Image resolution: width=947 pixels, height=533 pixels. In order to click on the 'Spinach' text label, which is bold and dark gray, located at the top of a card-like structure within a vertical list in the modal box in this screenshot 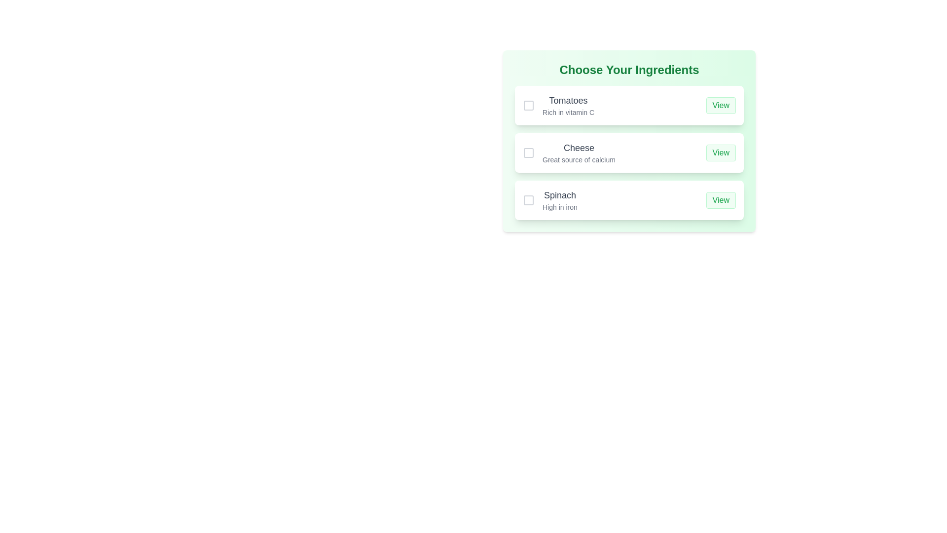, I will do `click(560, 195)`.